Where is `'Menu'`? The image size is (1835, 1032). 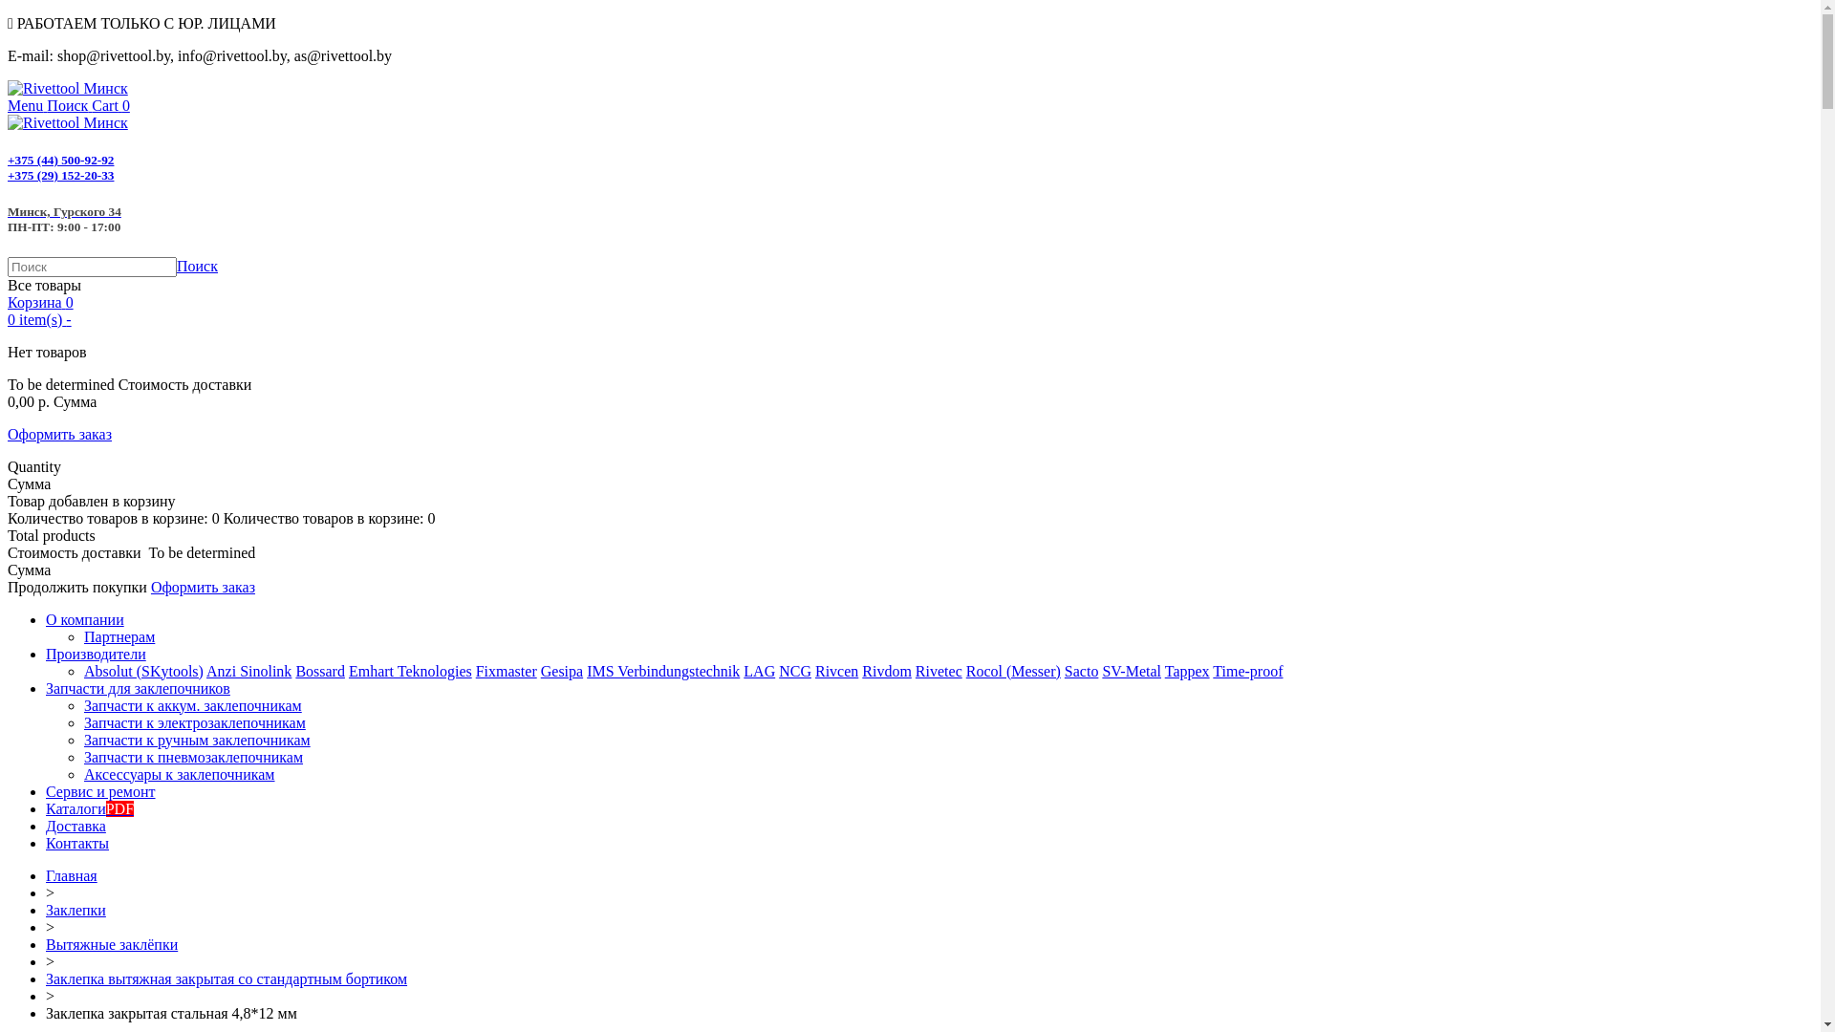 'Menu' is located at coordinates (8, 105).